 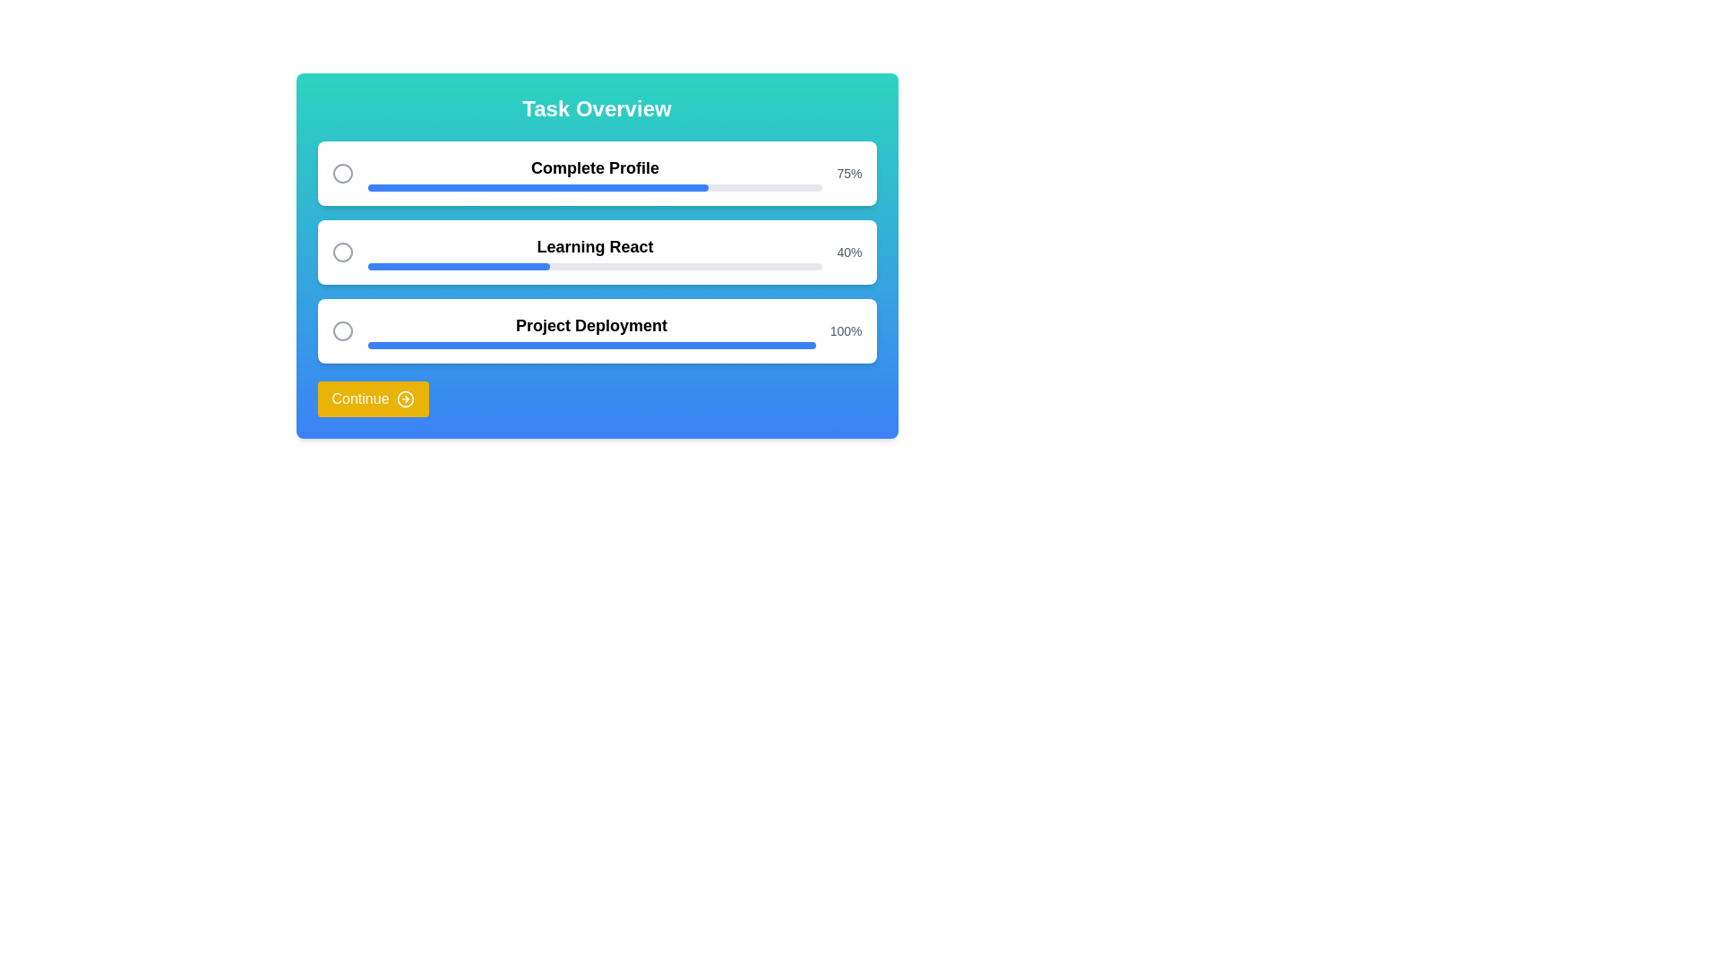 What do you see at coordinates (342, 173) in the screenshot?
I see `the icon indicating 'Complete Profile' which is positioned to the left of the text and the progress bar showing 75% completion` at bounding box center [342, 173].